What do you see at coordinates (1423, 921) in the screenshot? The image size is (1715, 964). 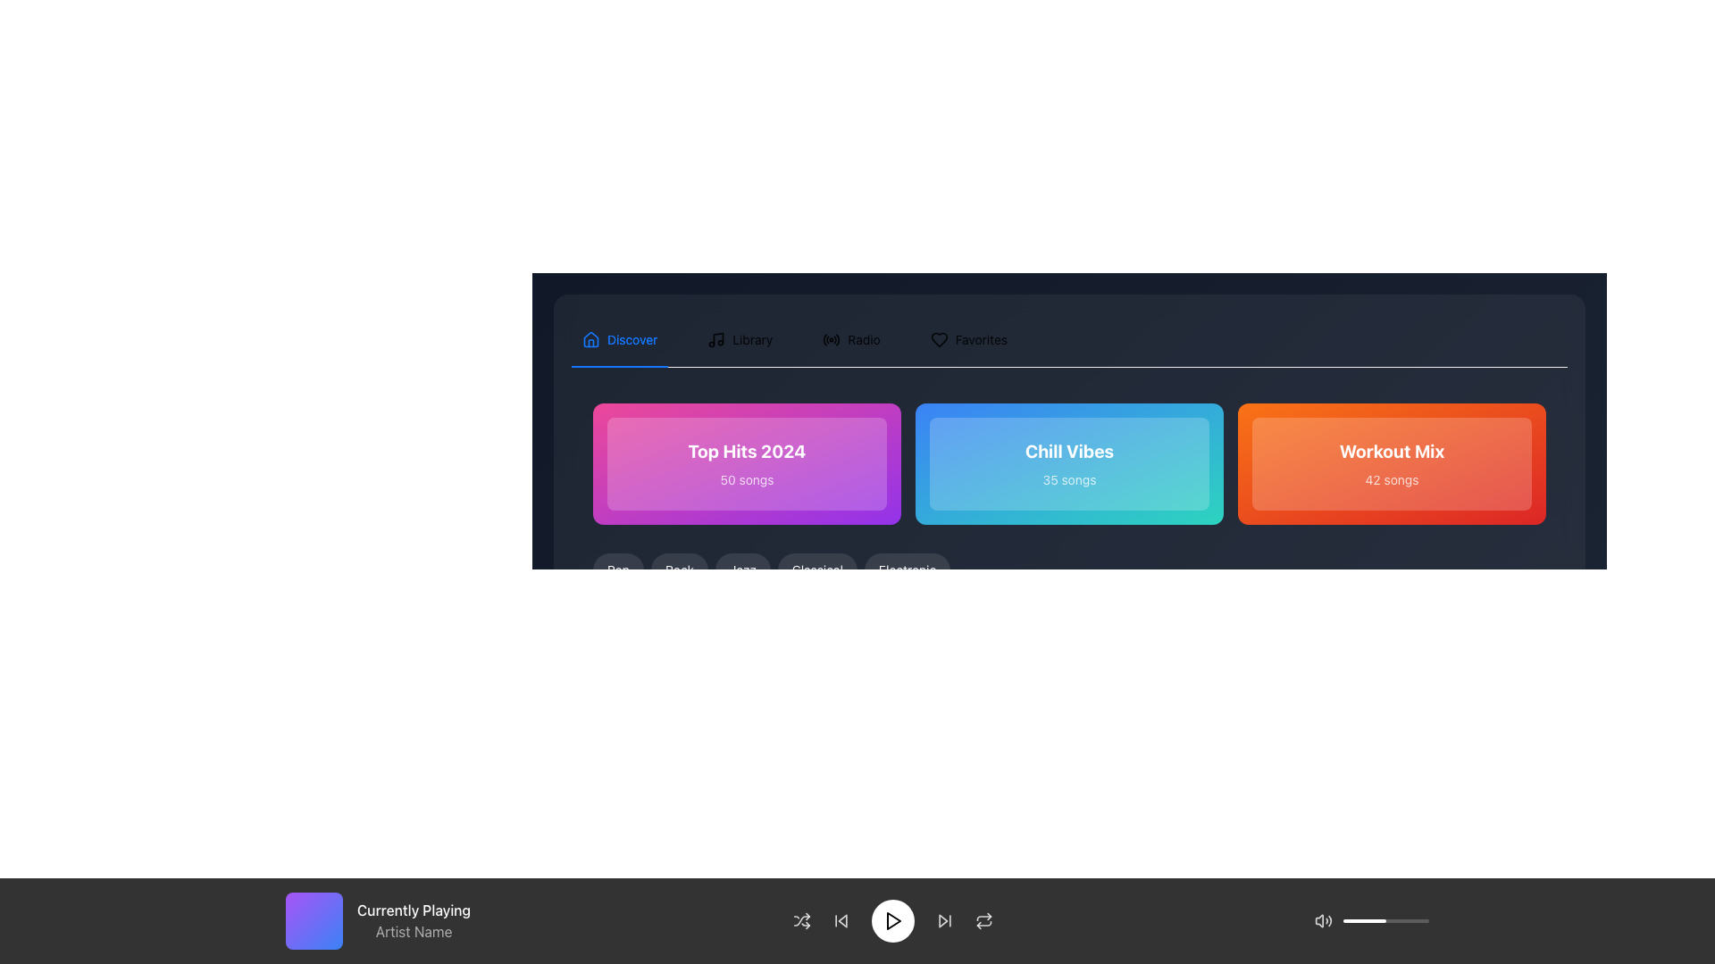 I see `the slider position` at bounding box center [1423, 921].